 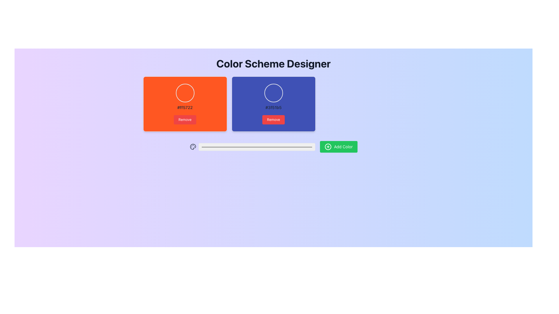 What do you see at coordinates (193, 147) in the screenshot?
I see `the small palette-like icon that appears near the color input field, which resembles a classic artist's palette and is located to the left of the color input field in the 'colorPicker' group` at bounding box center [193, 147].